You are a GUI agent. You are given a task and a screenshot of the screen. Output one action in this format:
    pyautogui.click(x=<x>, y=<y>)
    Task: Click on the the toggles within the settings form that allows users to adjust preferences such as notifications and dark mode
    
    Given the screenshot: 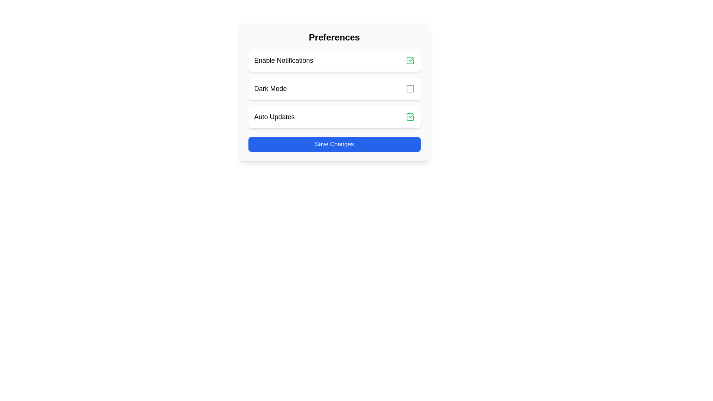 What is the action you would take?
    pyautogui.click(x=334, y=91)
    